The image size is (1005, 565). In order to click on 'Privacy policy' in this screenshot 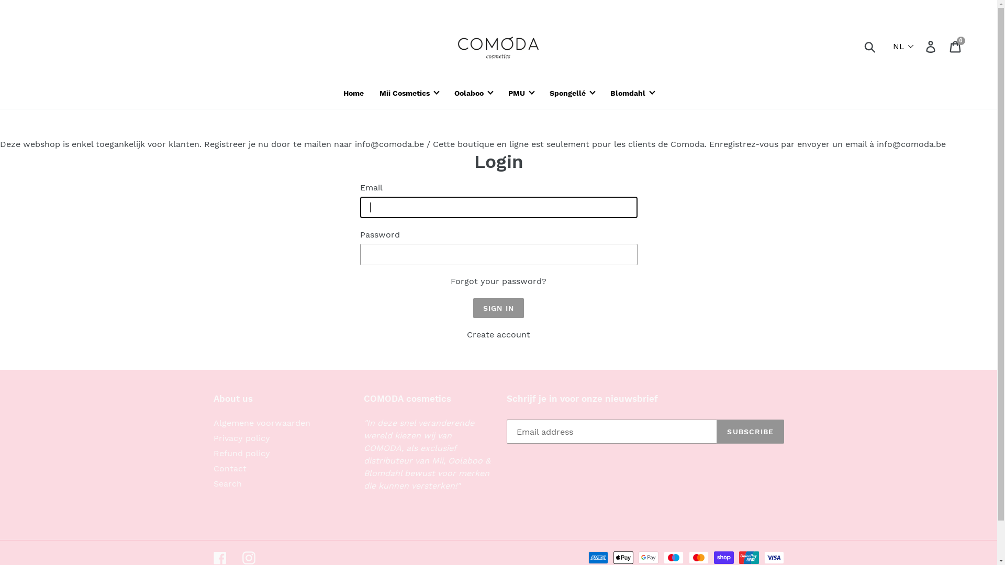, I will do `click(241, 438)`.